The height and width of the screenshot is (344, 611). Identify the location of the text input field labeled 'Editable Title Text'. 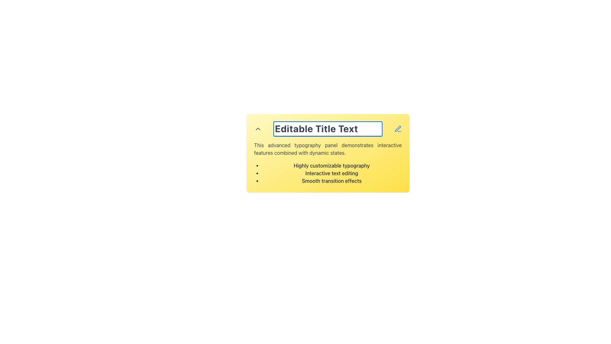
(328, 129).